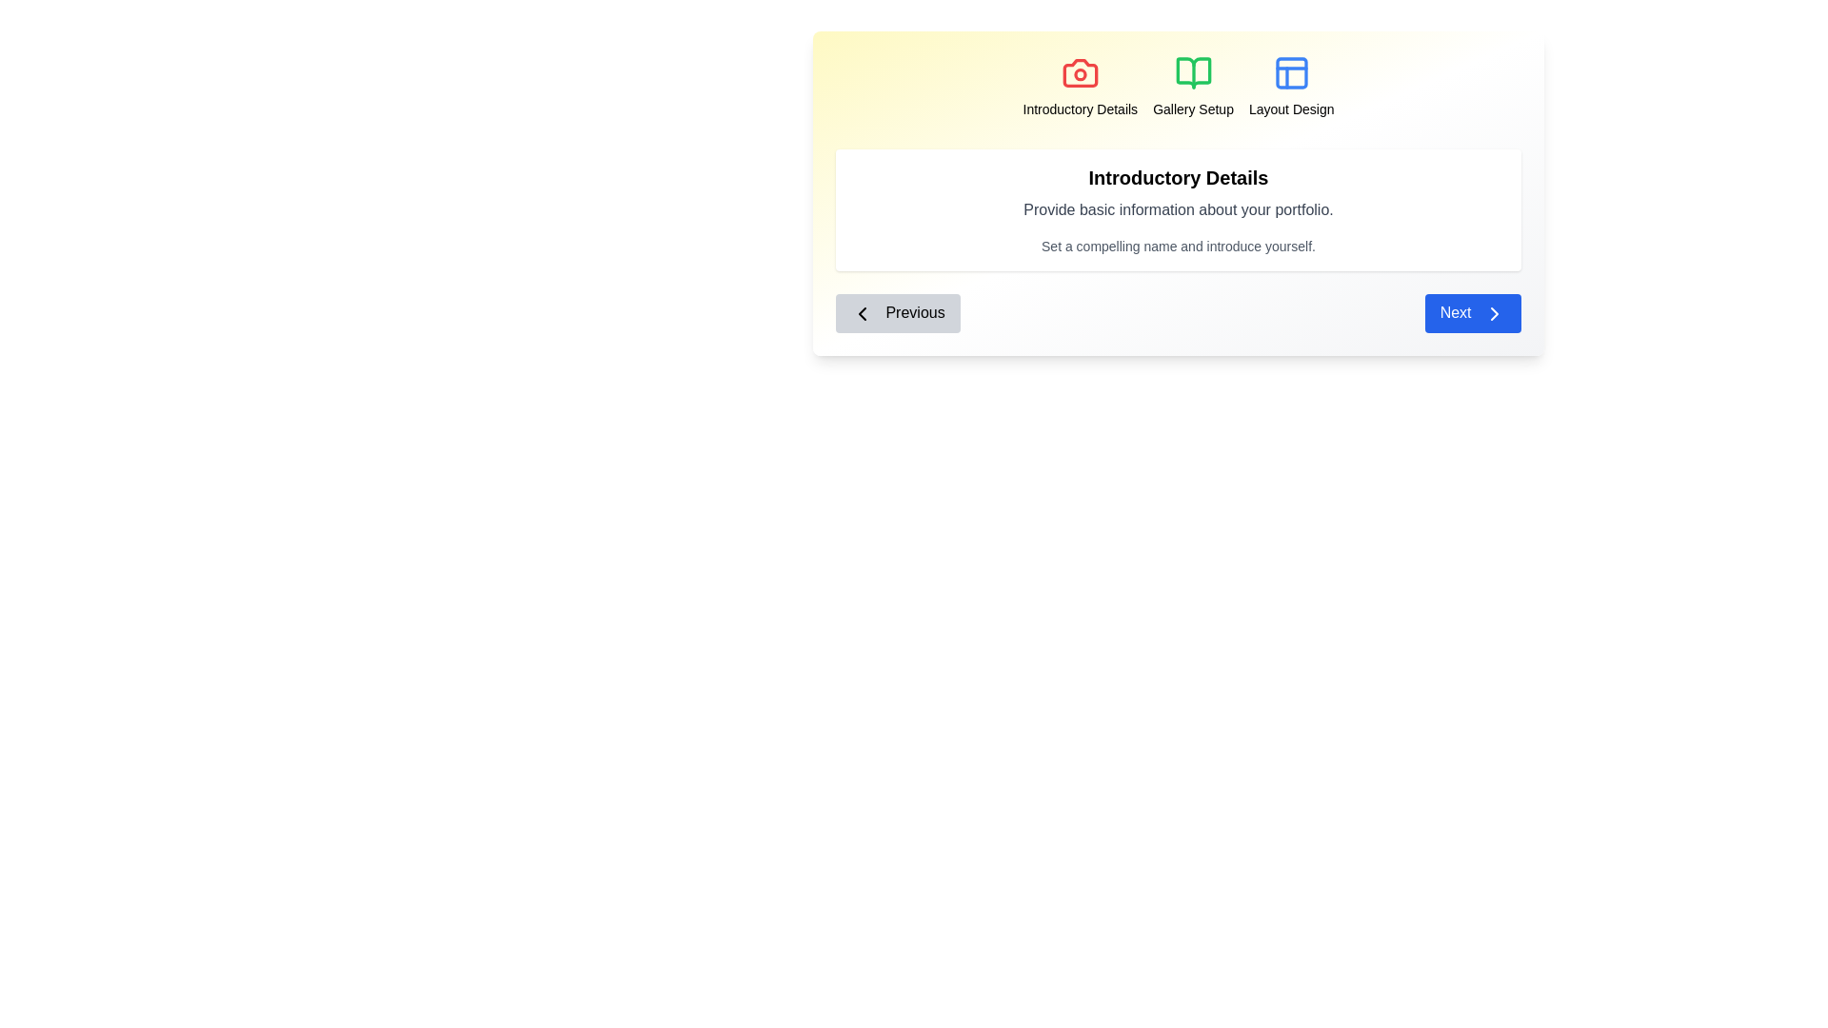 The width and height of the screenshot is (1828, 1028). Describe the element at coordinates (1080, 87) in the screenshot. I see `the selectable menu item labeled 'Introductory Details' which has a red camera icon above it for interaction` at that location.